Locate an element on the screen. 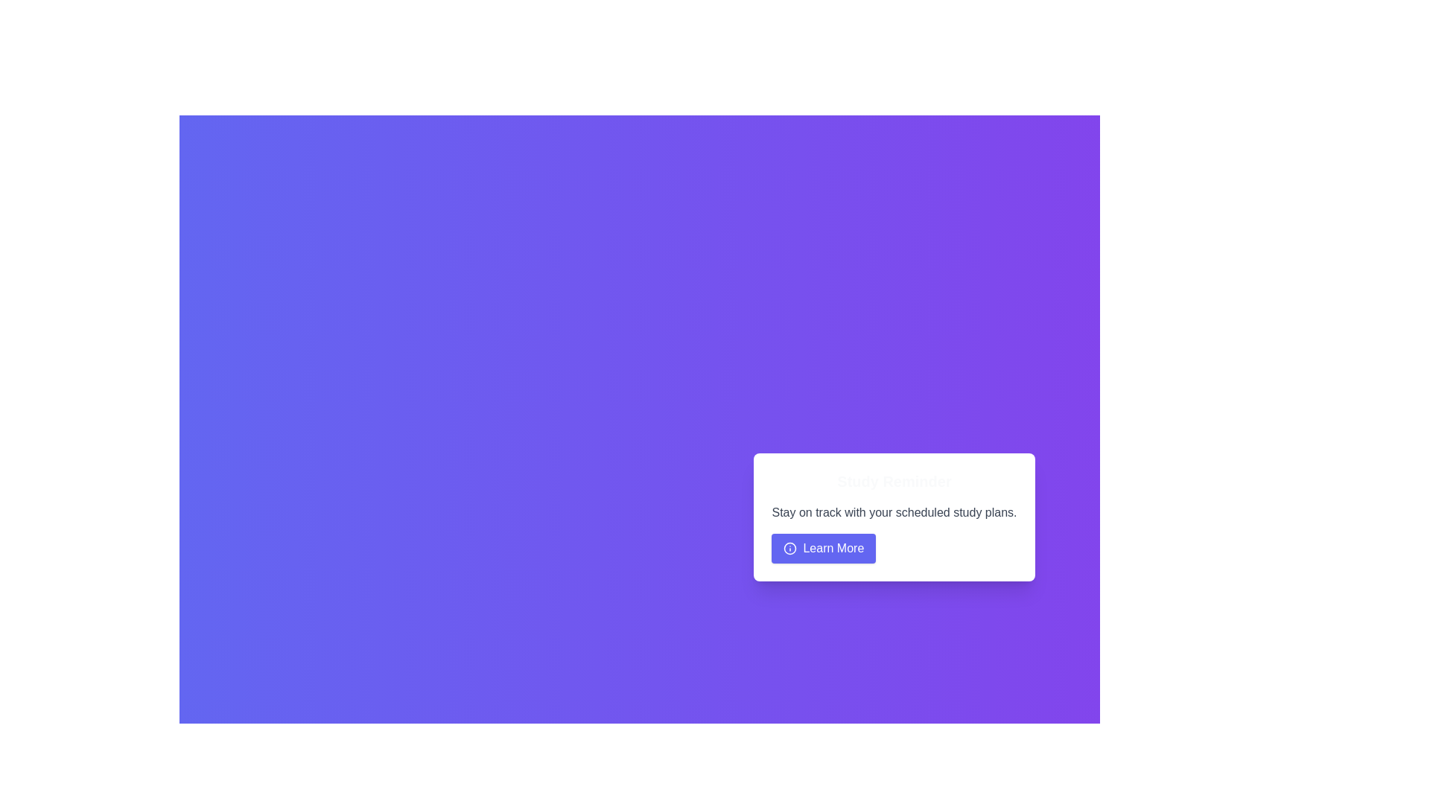 The width and height of the screenshot is (1430, 804). the 'Learn More' button with a medium-blue background and white text, located within the 'Study Reminder' card is located at coordinates (823, 548).